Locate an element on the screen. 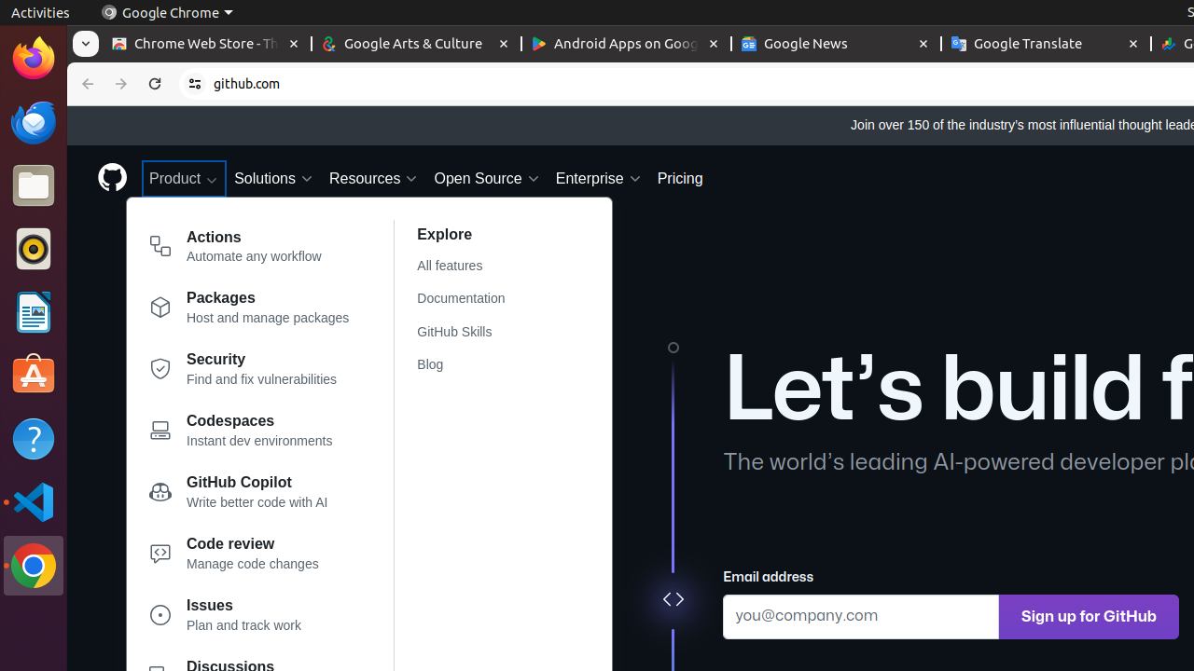  'Open Source' is located at coordinates (487, 178).